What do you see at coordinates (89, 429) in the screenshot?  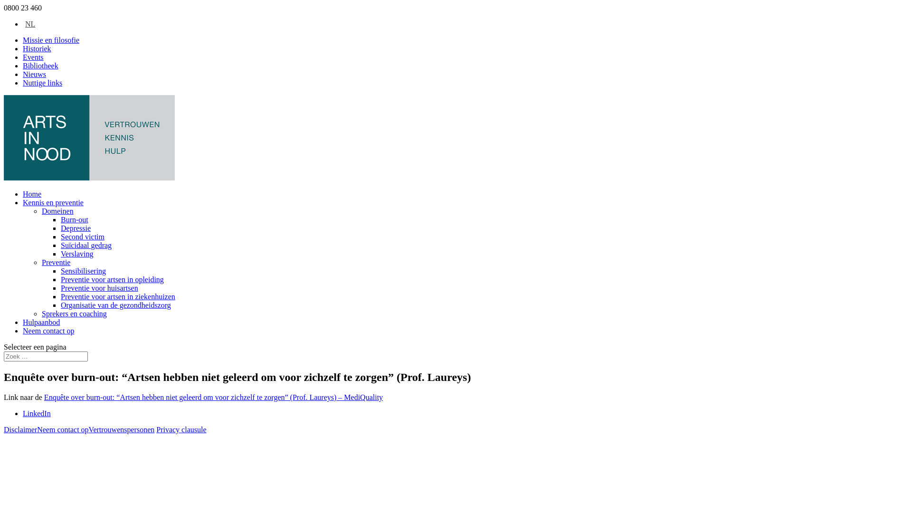 I see `'Vertrouwenspersonen'` at bounding box center [89, 429].